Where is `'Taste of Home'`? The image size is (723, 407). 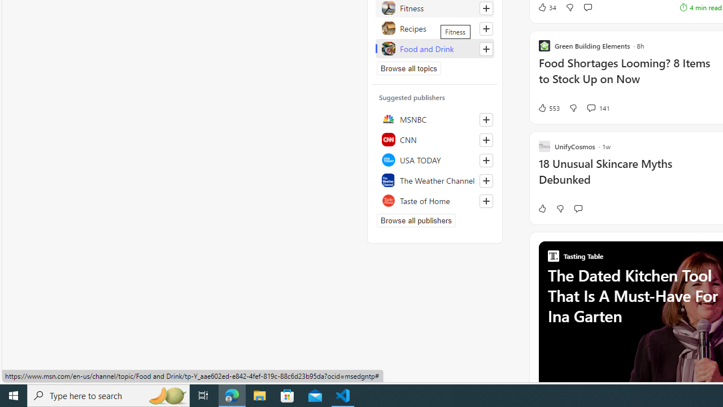 'Taste of Home' is located at coordinates (434, 200).